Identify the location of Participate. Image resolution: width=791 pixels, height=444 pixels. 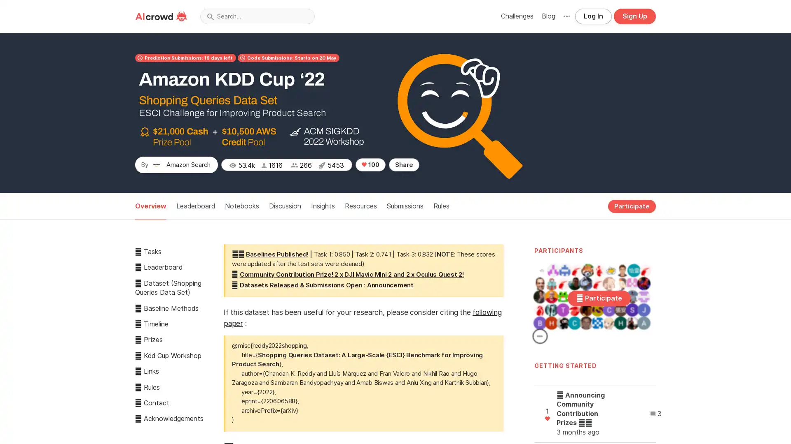
(599, 298).